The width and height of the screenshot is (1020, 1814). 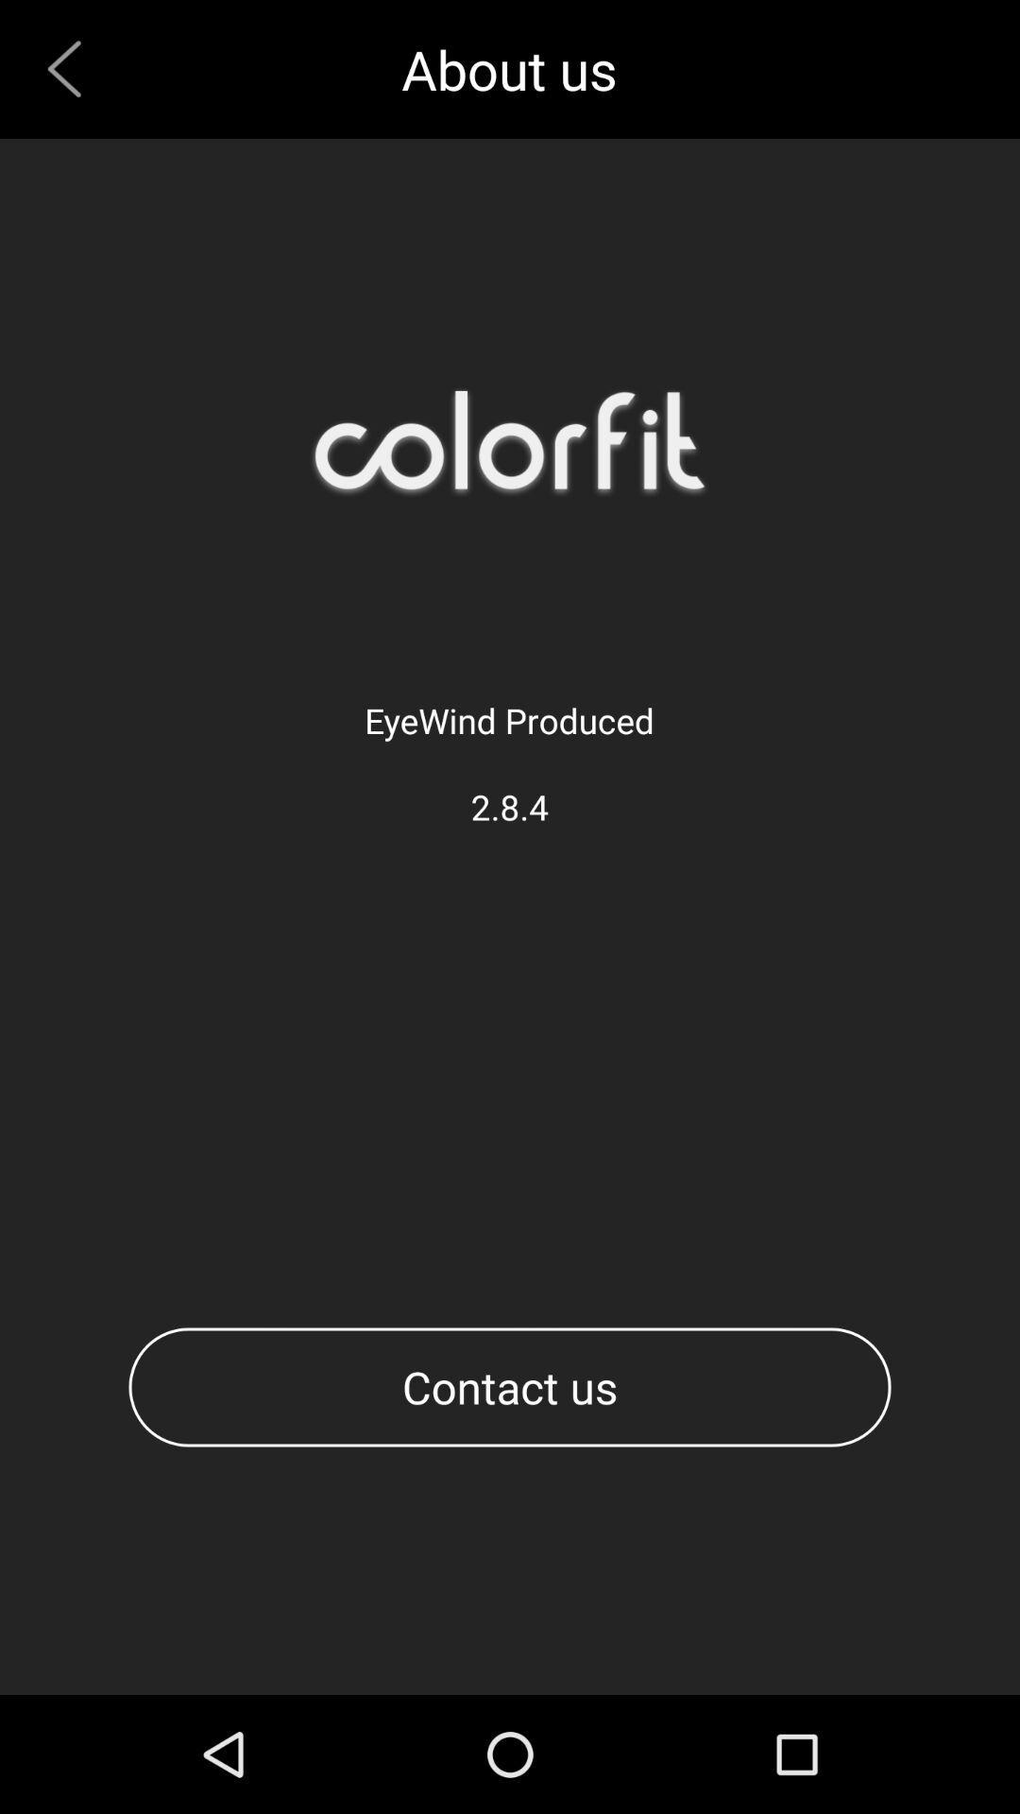 What do you see at coordinates (510, 1387) in the screenshot?
I see `the contact us at the bottom` at bounding box center [510, 1387].